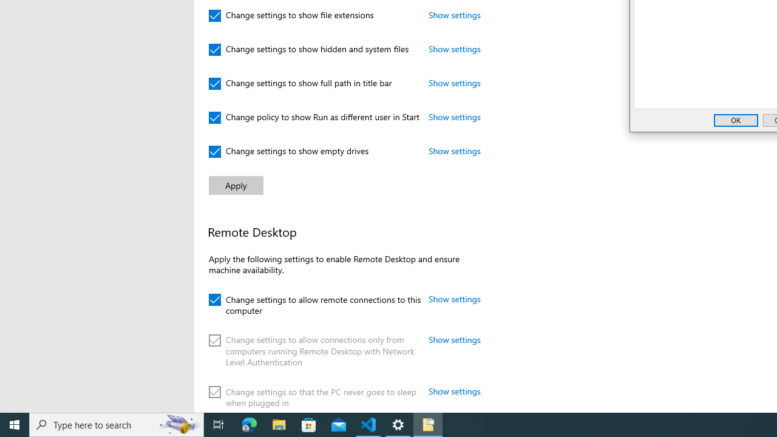 Image resolution: width=777 pixels, height=437 pixels. I want to click on 'Task View', so click(218, 424).